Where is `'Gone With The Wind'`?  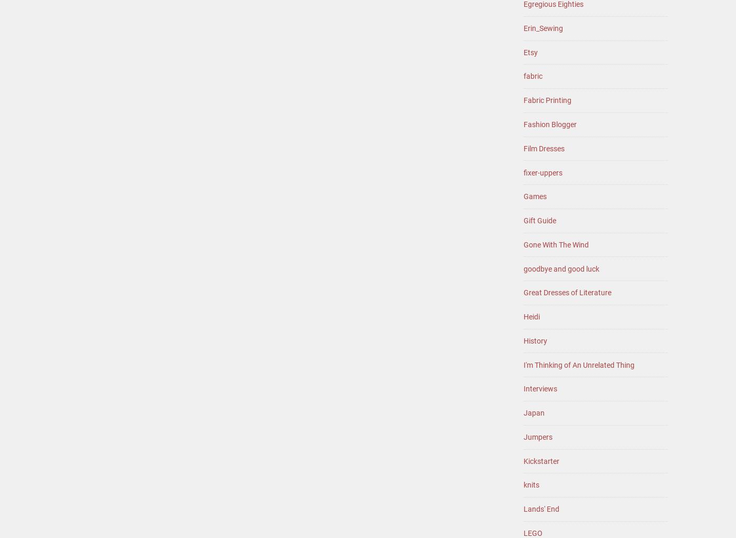
'Gone With The Wind' is located at coordinates (556, 244).